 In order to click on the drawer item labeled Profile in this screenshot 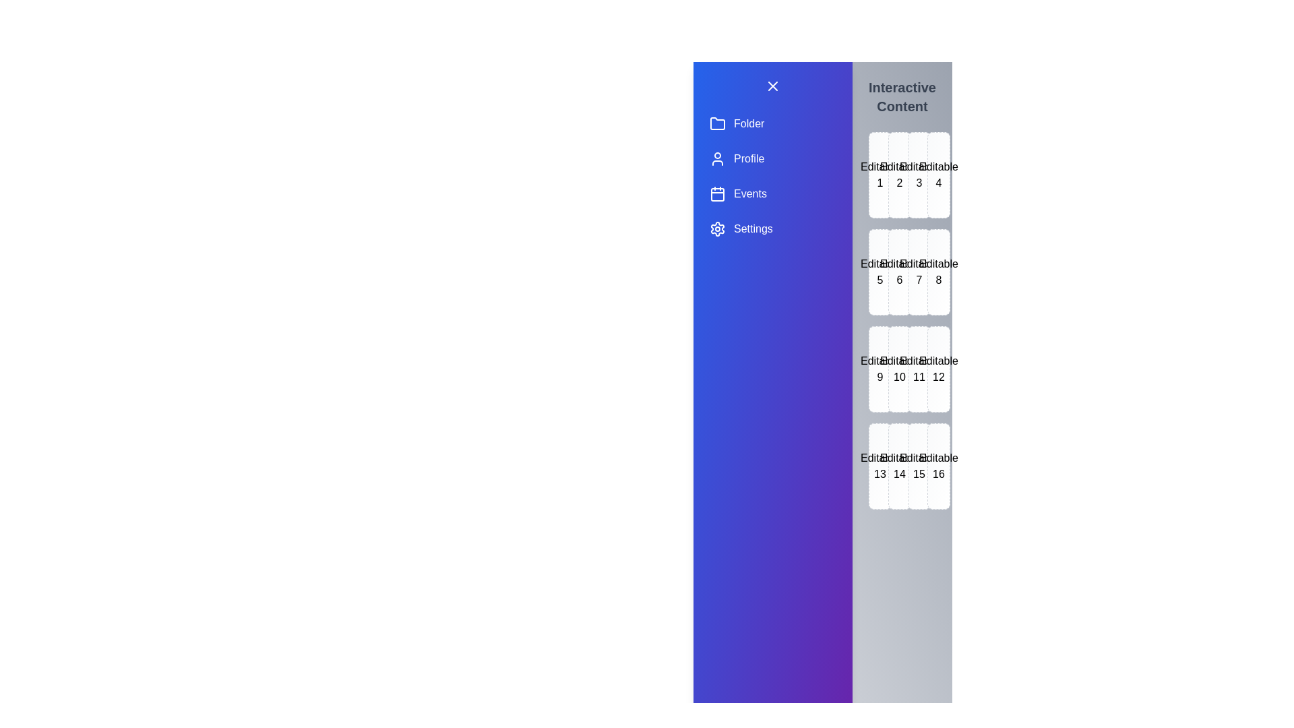, I will do `click(772, 158)`.